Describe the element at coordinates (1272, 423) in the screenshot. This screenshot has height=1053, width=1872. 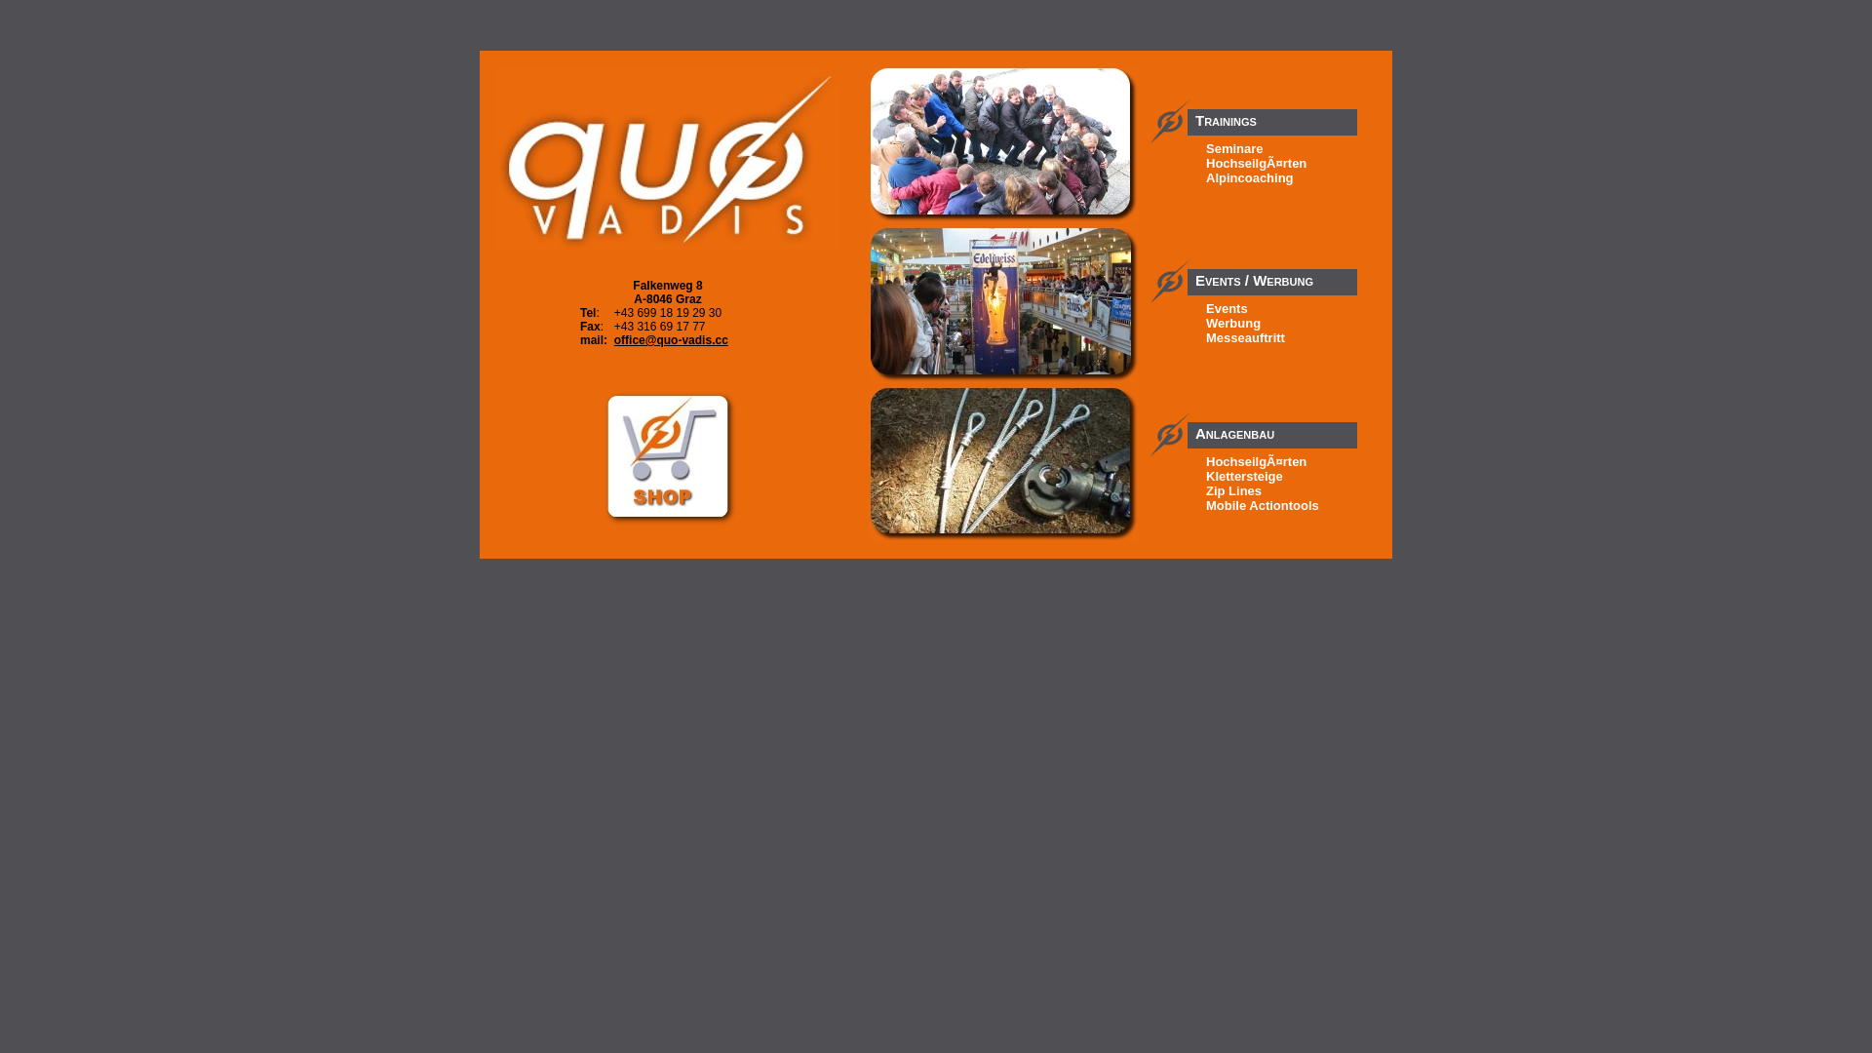
I see `'Anlagenbau'` at that location.